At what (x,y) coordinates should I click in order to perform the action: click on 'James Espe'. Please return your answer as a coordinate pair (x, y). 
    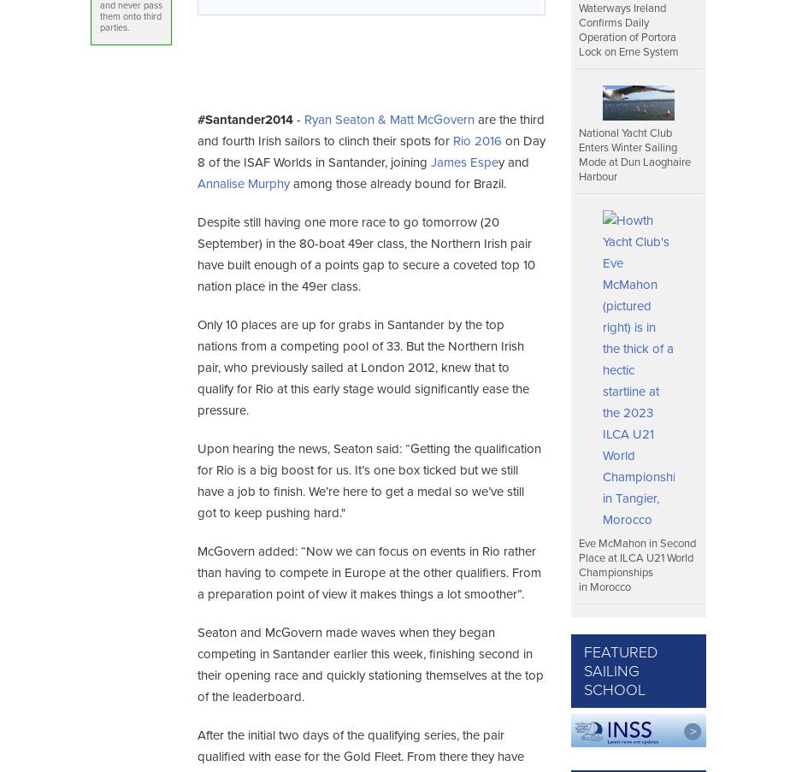
    Looking at the image, I should click on (463, 161).